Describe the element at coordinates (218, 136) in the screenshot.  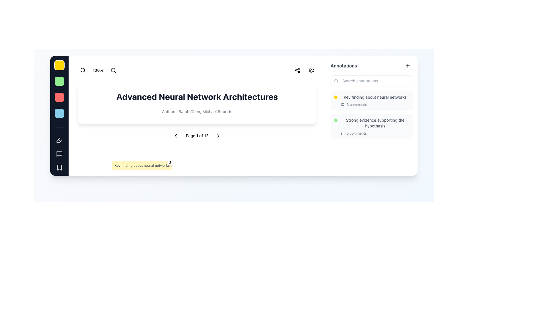
I see `the navigation button located towards the right side of the footer section, next to the 'Page 1 of 12' text, to trigger the hover effect` at that location.